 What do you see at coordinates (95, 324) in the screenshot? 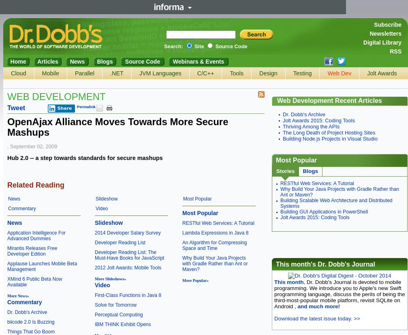
I see `'IBM THINK Exhibit Opens'` at bounding box center [95, 324].